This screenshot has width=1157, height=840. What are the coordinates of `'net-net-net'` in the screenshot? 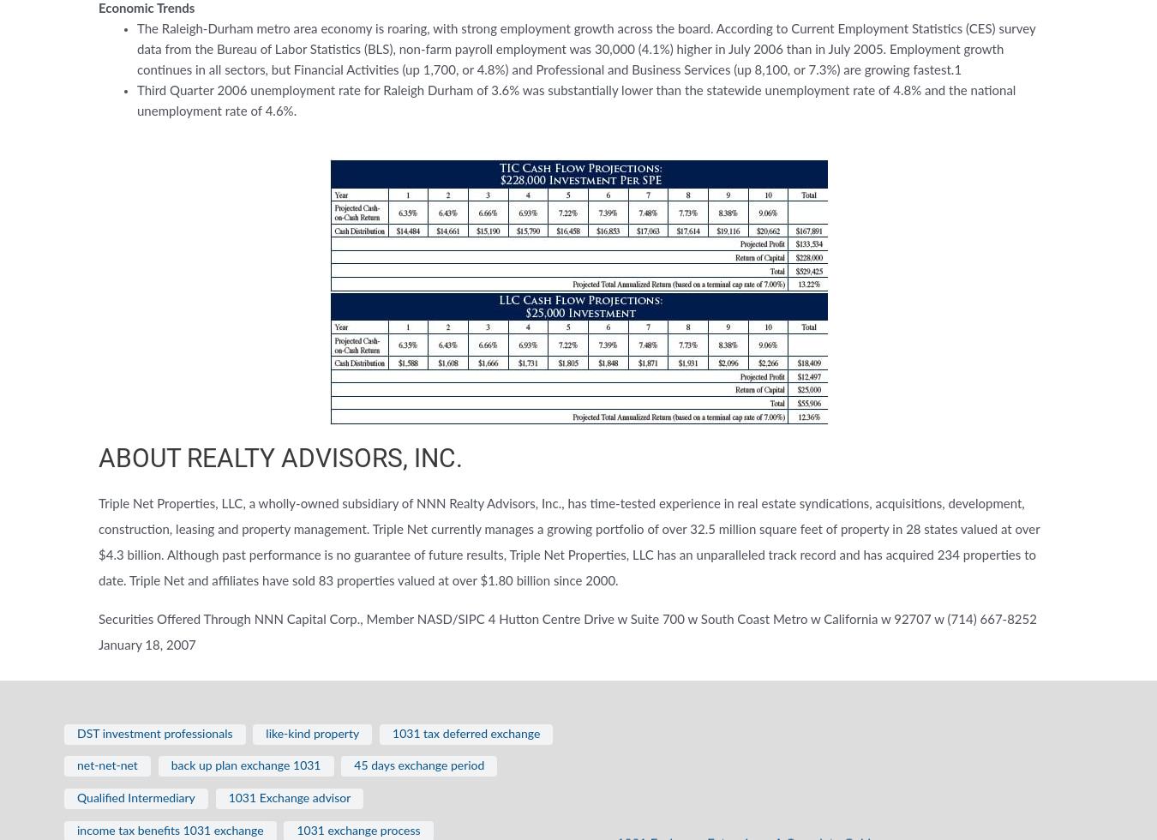 It's located at (107, 765).